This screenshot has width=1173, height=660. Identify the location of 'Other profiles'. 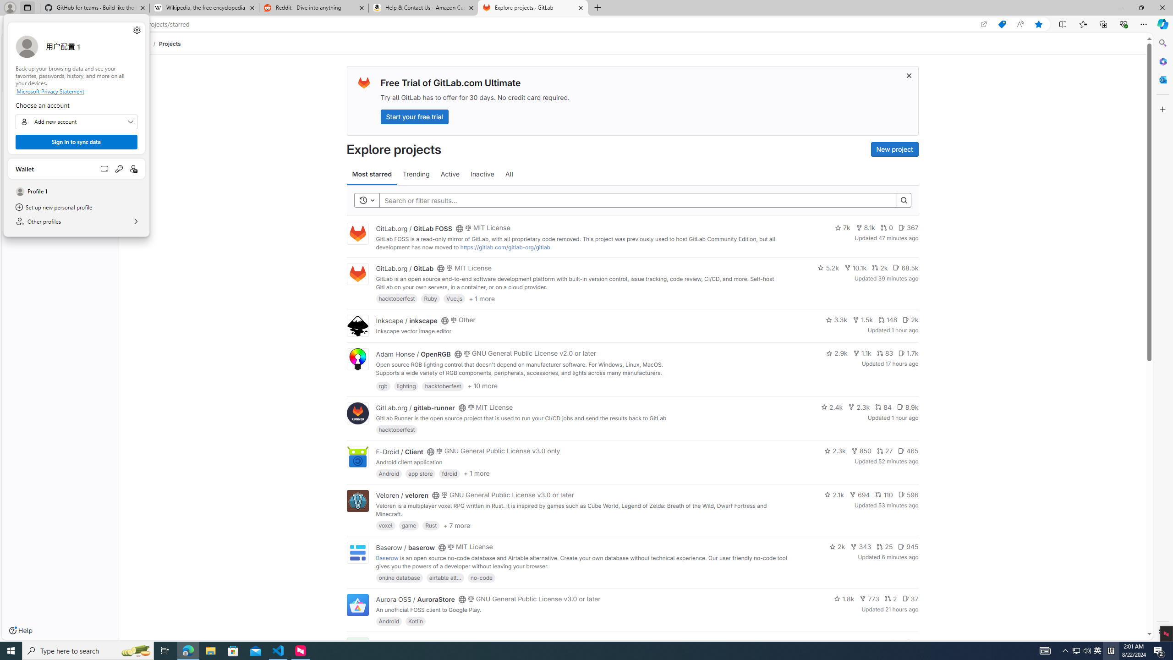
(76, 221).